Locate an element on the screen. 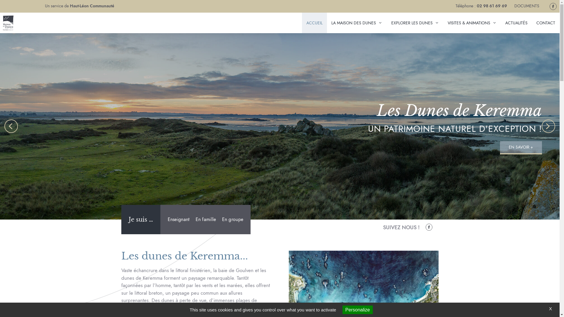  'Maison Des Dunes' is located at coordinates (0, 22).